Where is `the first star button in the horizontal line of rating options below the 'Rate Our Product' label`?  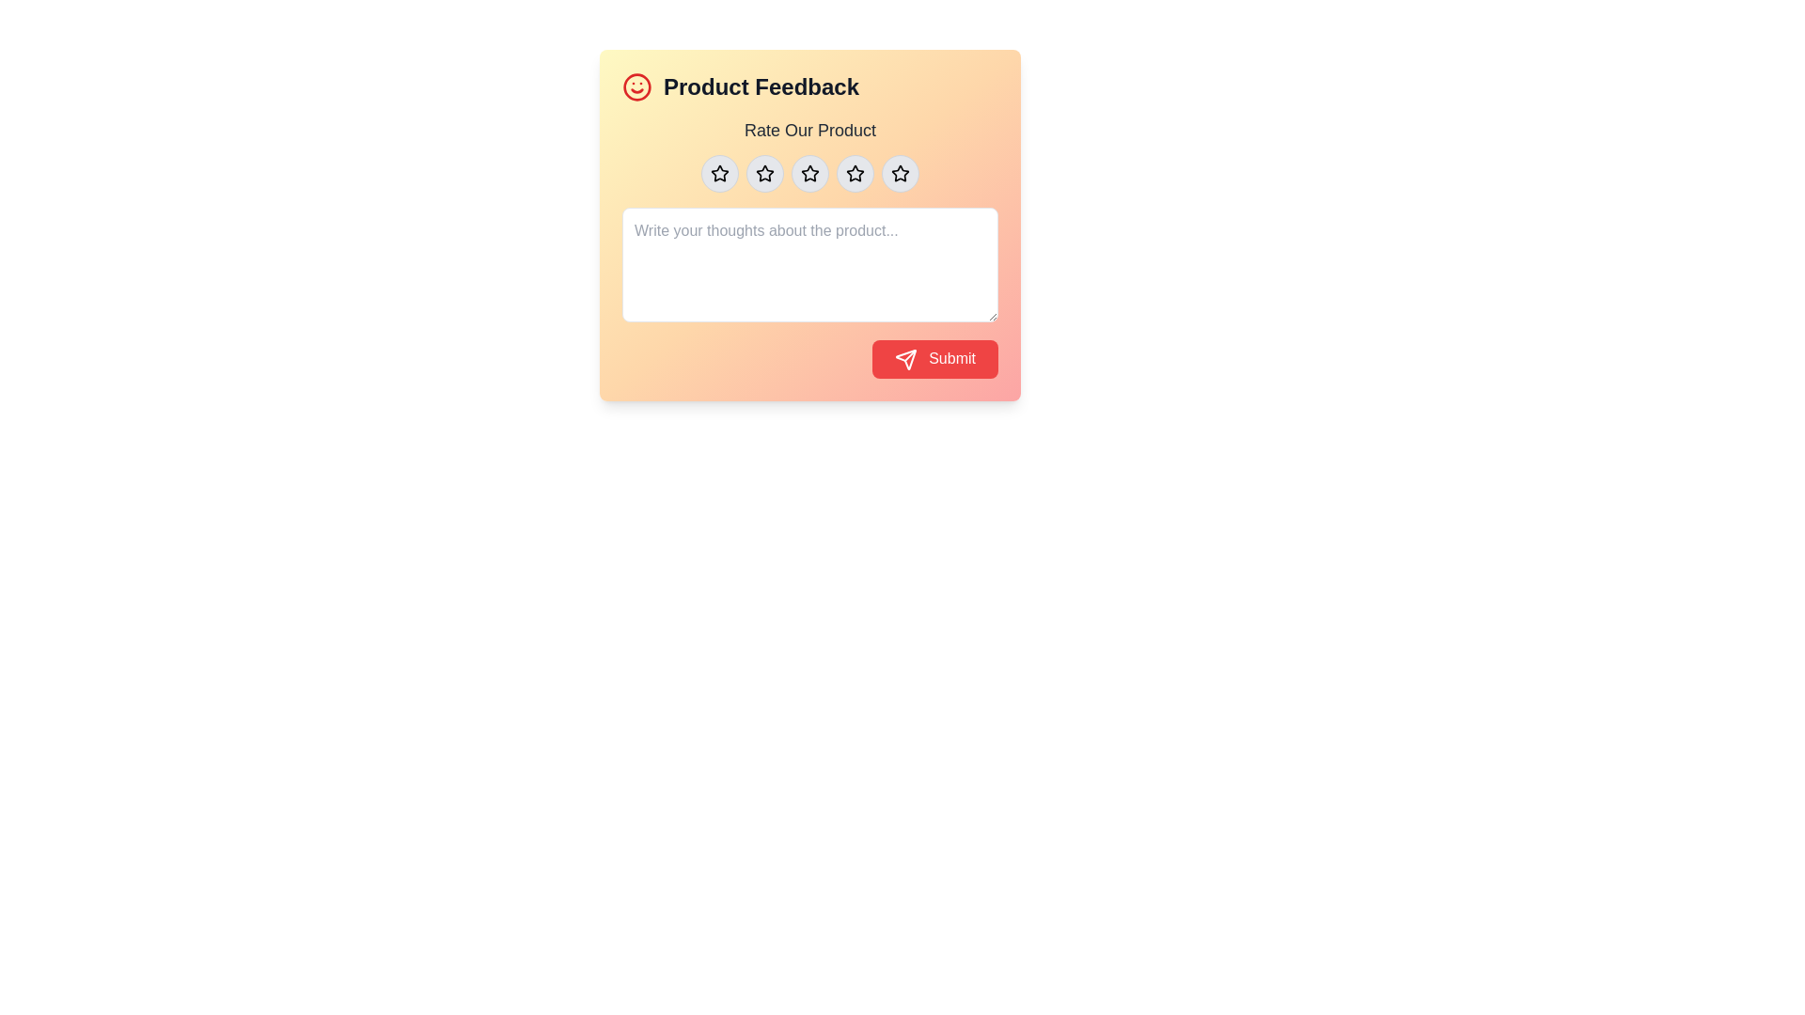 the first star button in the horizontal line of rating options below the 'Rate Our Product' label is located at coordinates (719, 174).